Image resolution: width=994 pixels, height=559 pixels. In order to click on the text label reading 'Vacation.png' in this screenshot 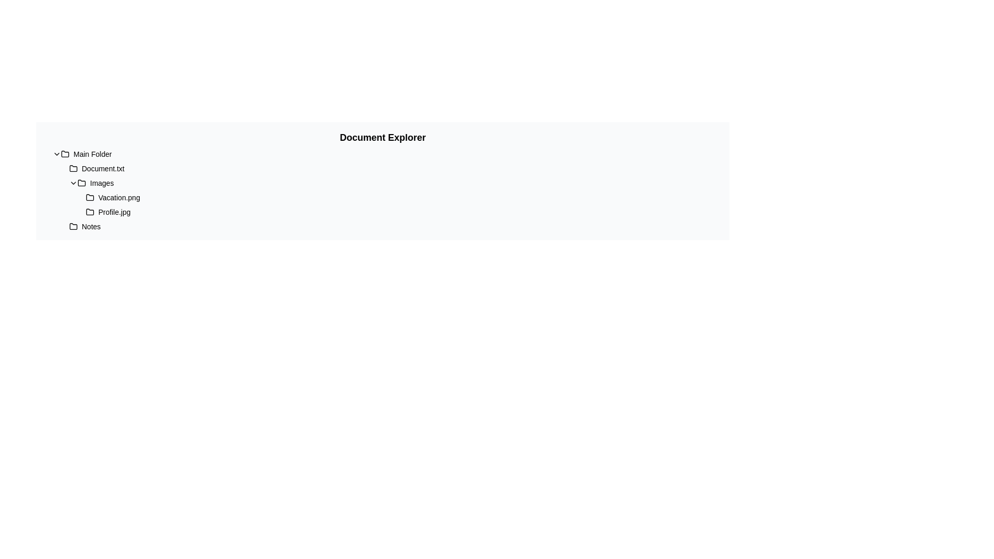, I will do `click(119, 197)`.